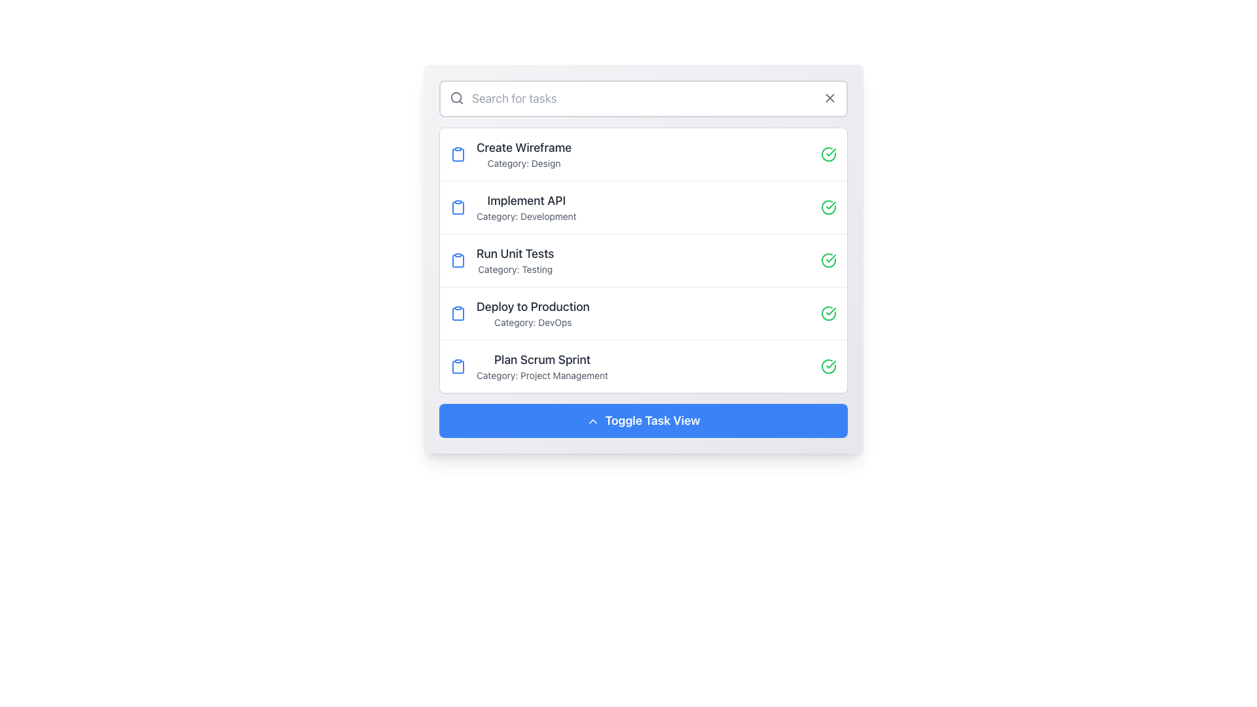  I want to click on the clipboard icon located to the left of the text 'Implement API' in the second item of the task list, so click(458, 206).